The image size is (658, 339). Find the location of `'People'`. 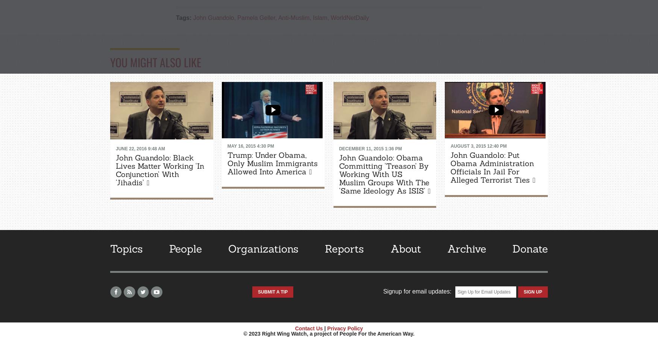

'People' is located at coordinates (185, 248).